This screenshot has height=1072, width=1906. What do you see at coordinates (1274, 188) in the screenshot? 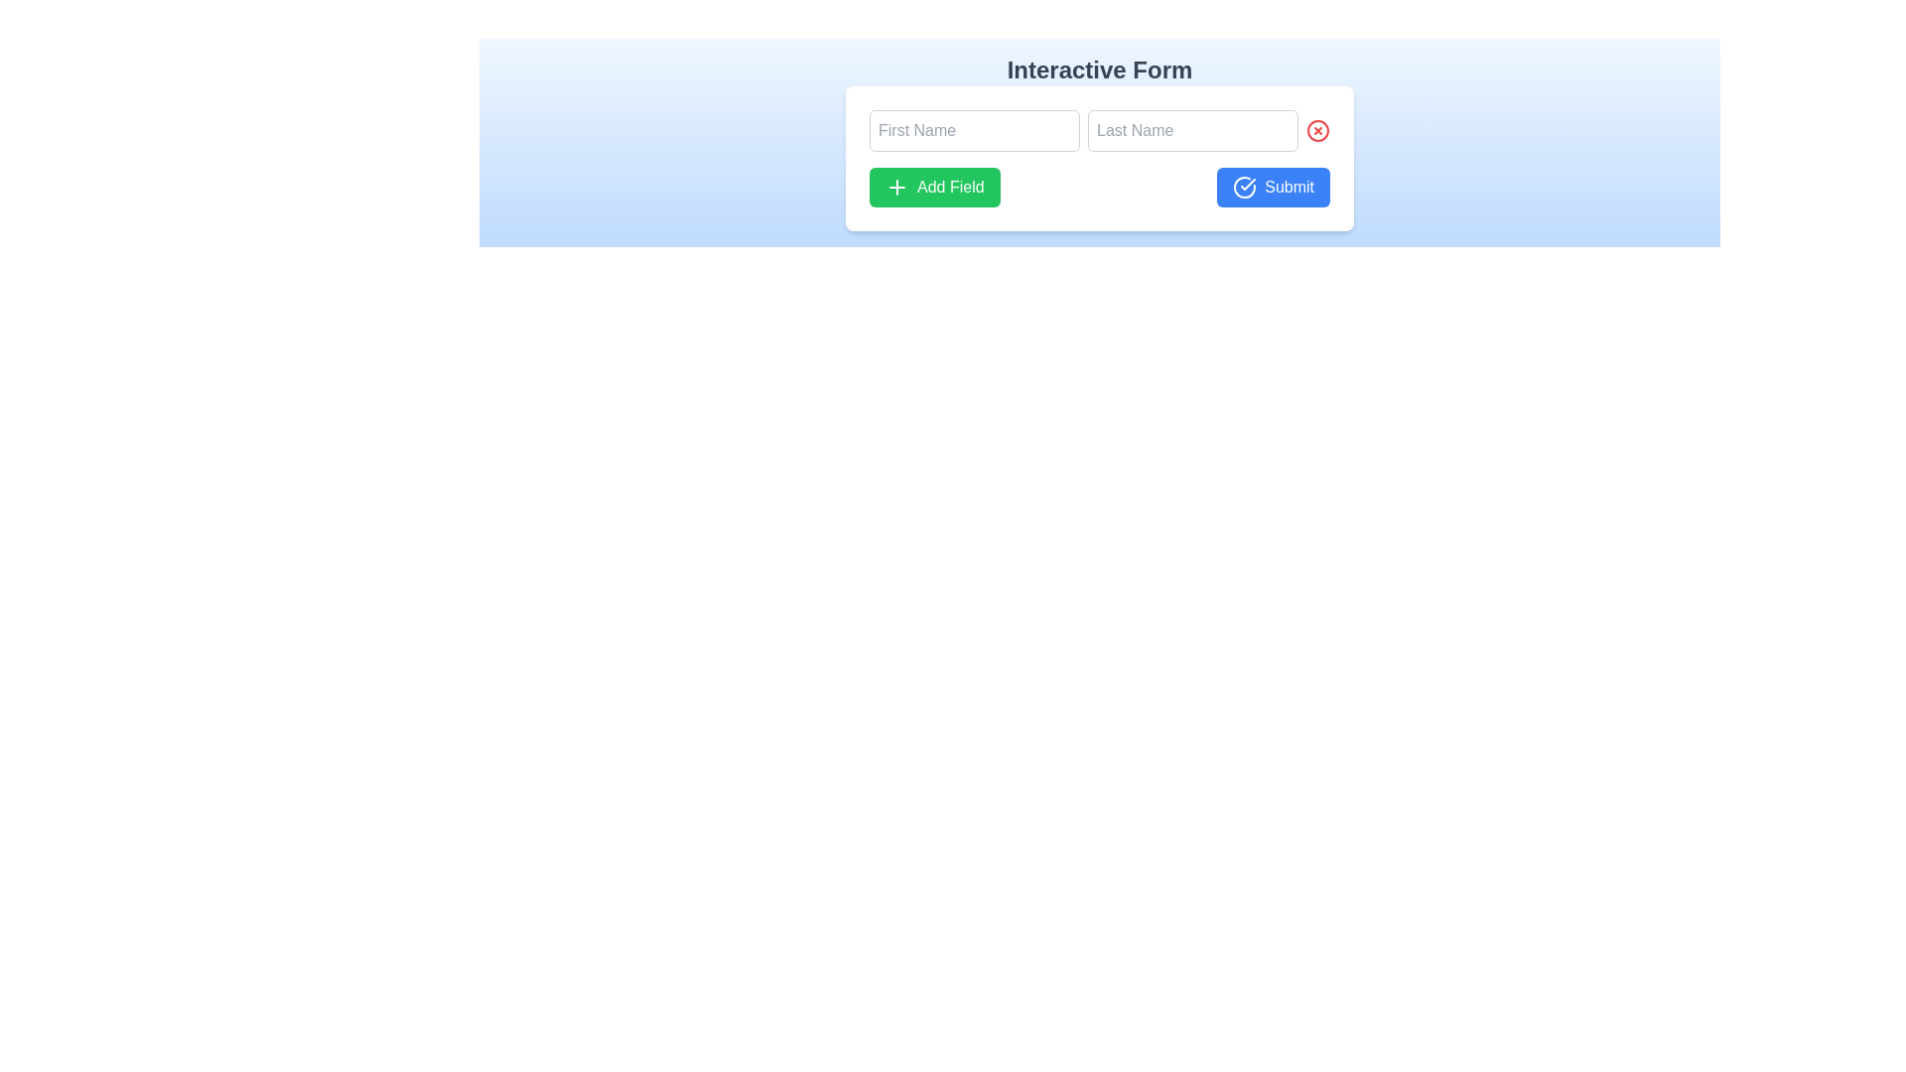
I see `the blue rectangular button labeled 'Submit'` at bounding box center [1274, 188].